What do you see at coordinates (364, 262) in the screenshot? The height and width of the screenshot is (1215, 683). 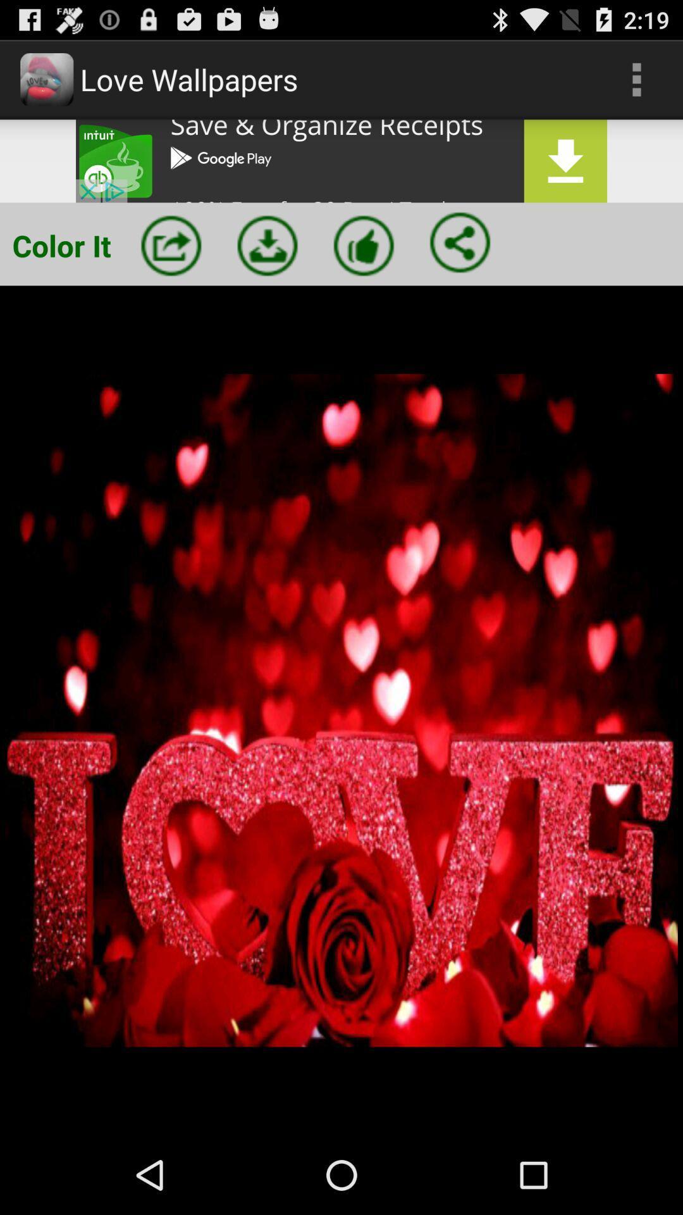 I see `the thumbs_up icon` at bounding box center [364, 262].